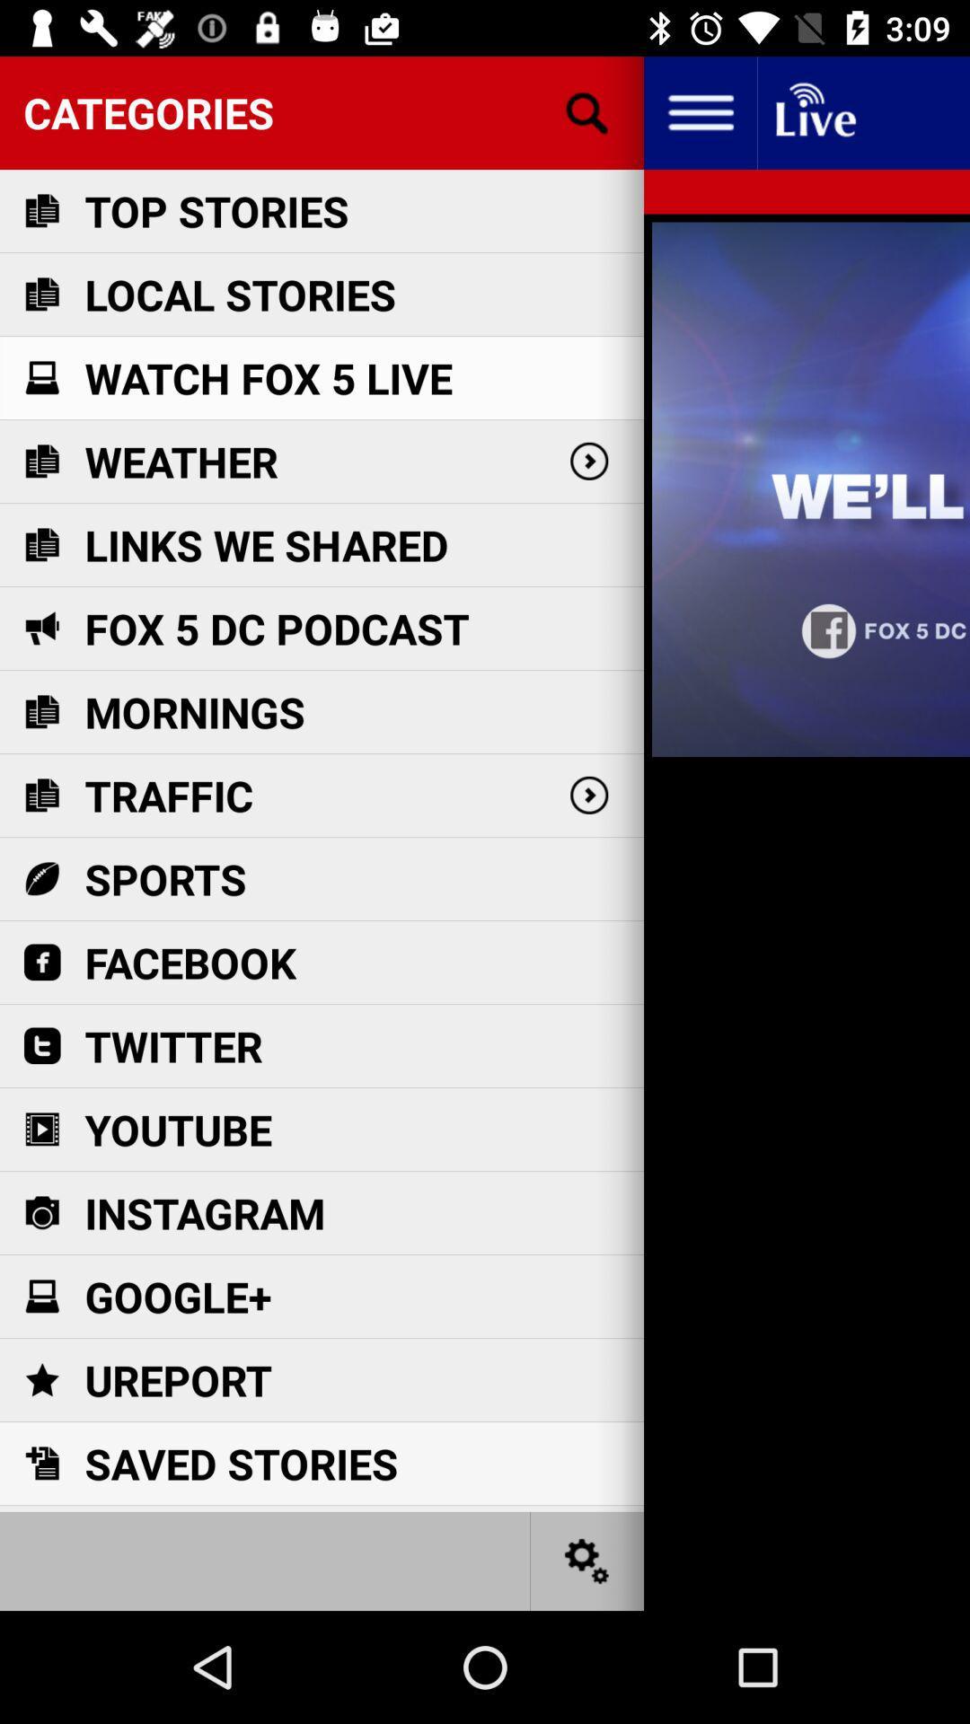 The width and height of the screenshot is (970, 1724). Describe the element at coordinates (169, 795) in the screenshot. I see `item below mornings item` at that location.